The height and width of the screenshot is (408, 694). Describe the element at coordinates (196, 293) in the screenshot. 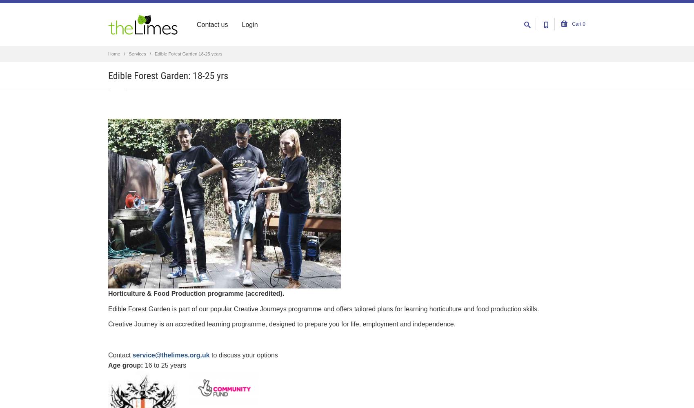

I see `'Horticulture & Food Production programme (accredited).'` at that location.